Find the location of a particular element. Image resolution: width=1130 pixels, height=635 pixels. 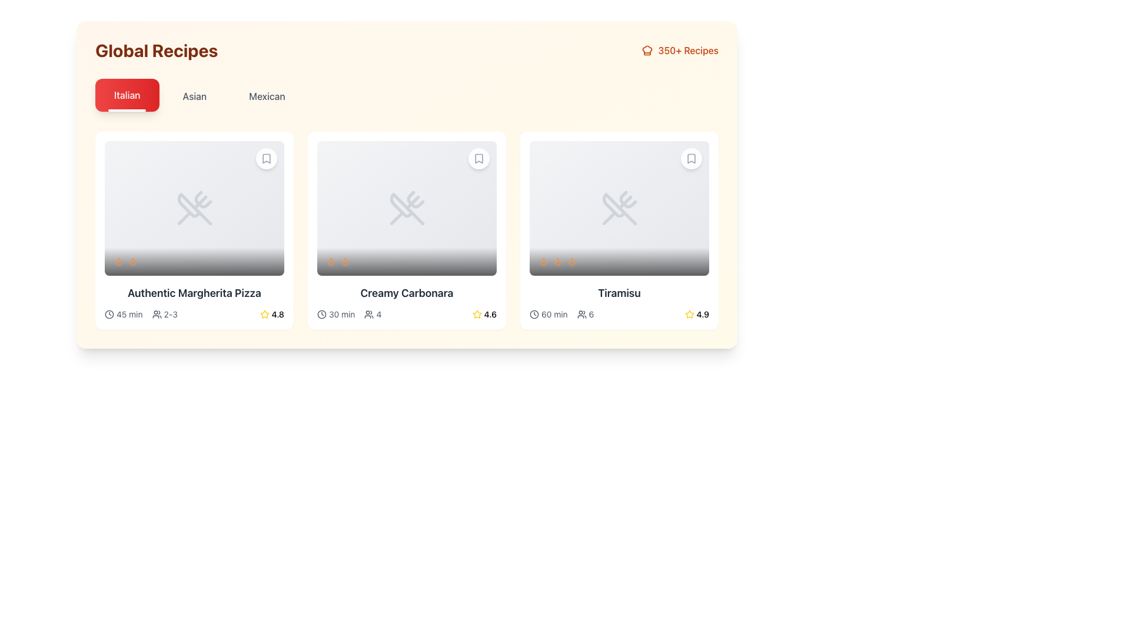

the culinary icon located to the left of the text '350+ Recipes' in the top-right corner of the interface is located at coordinates (647, 49).